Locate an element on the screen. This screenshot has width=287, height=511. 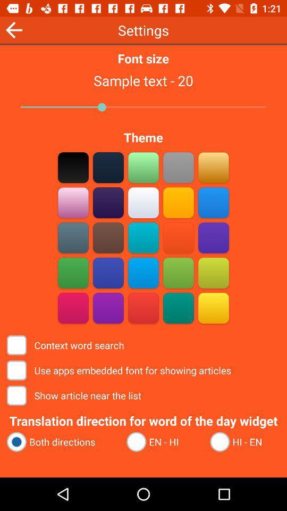
purple option is located at coordinates (108, 308).